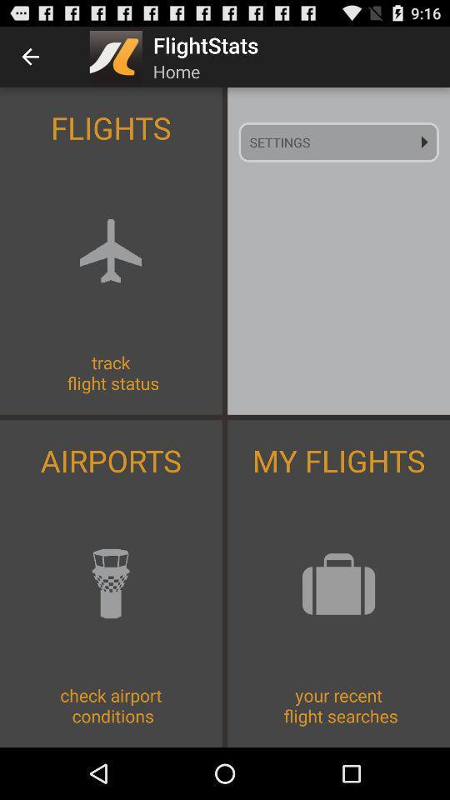 Image resolution: width=450 pixels, height=800 pixels. What do you see at coordinates (30, 57) in the screenshot?
I see `the item above the flights` at bounding box center [30, 57].